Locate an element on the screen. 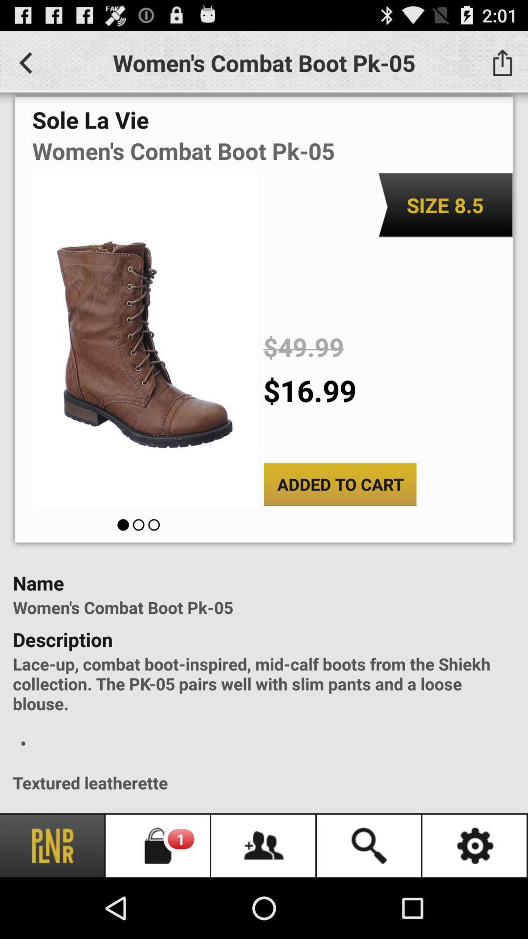 This screenshot has height=939, width=528. the icon above $49.99 is located at coordinates (445, 204).